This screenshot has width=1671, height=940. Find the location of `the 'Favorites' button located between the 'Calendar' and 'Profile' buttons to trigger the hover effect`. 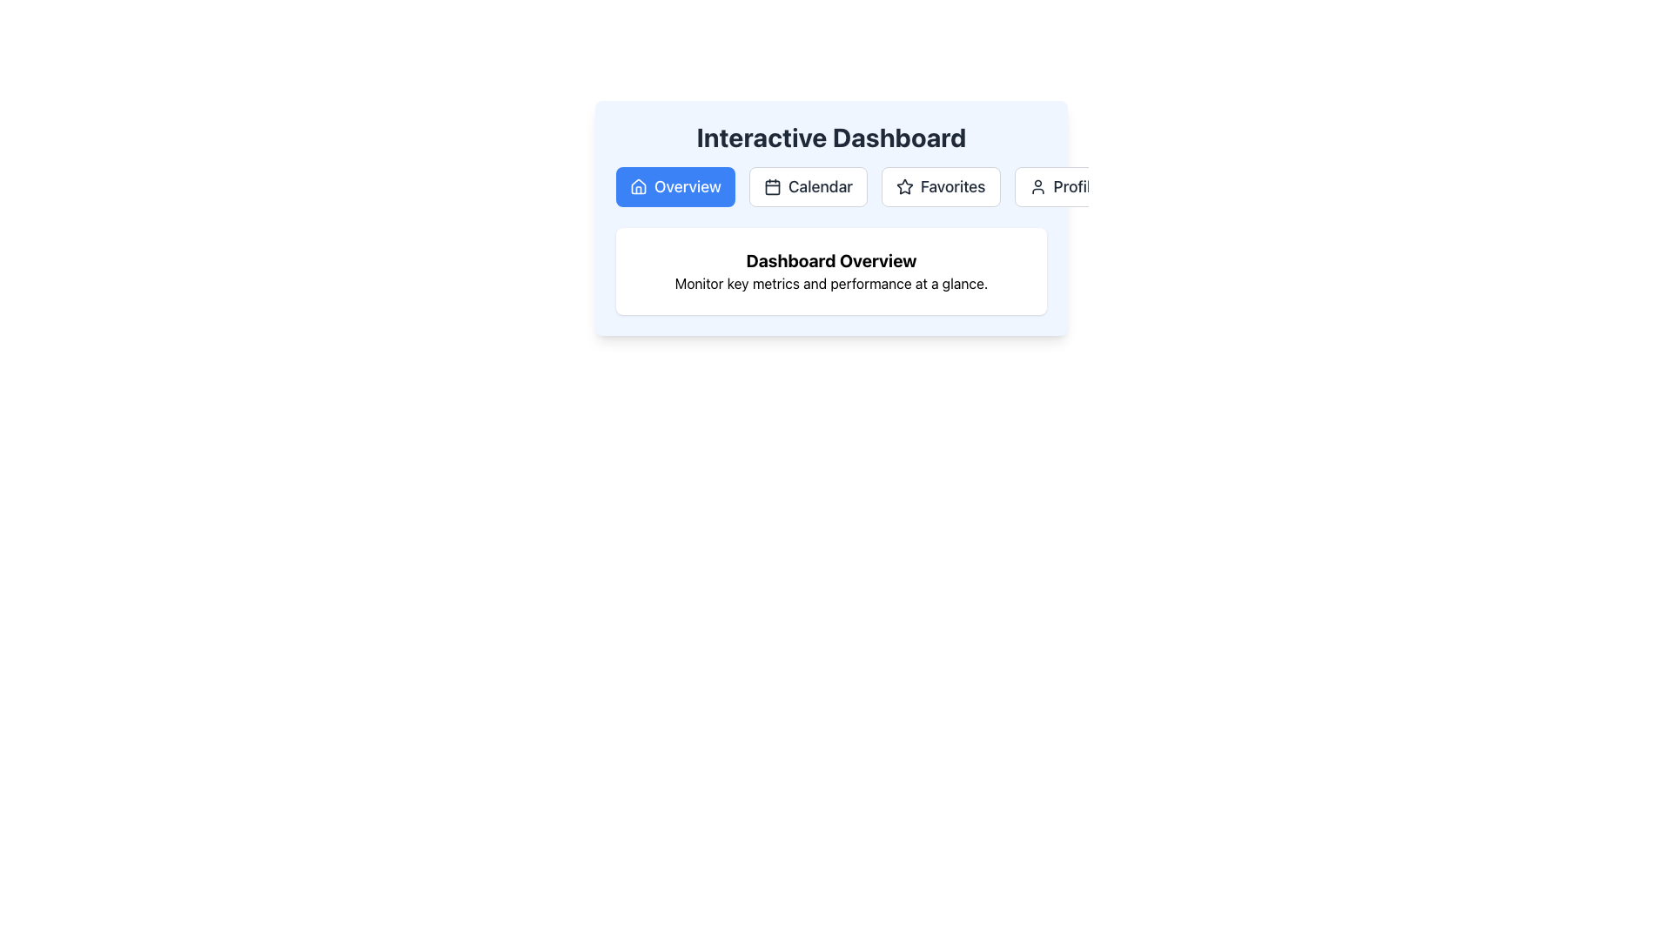

the 'Favorites' button located between the 'Calendar' and 'Profile' buttons to trigger the hover effect is located at coordinates (940, 187).